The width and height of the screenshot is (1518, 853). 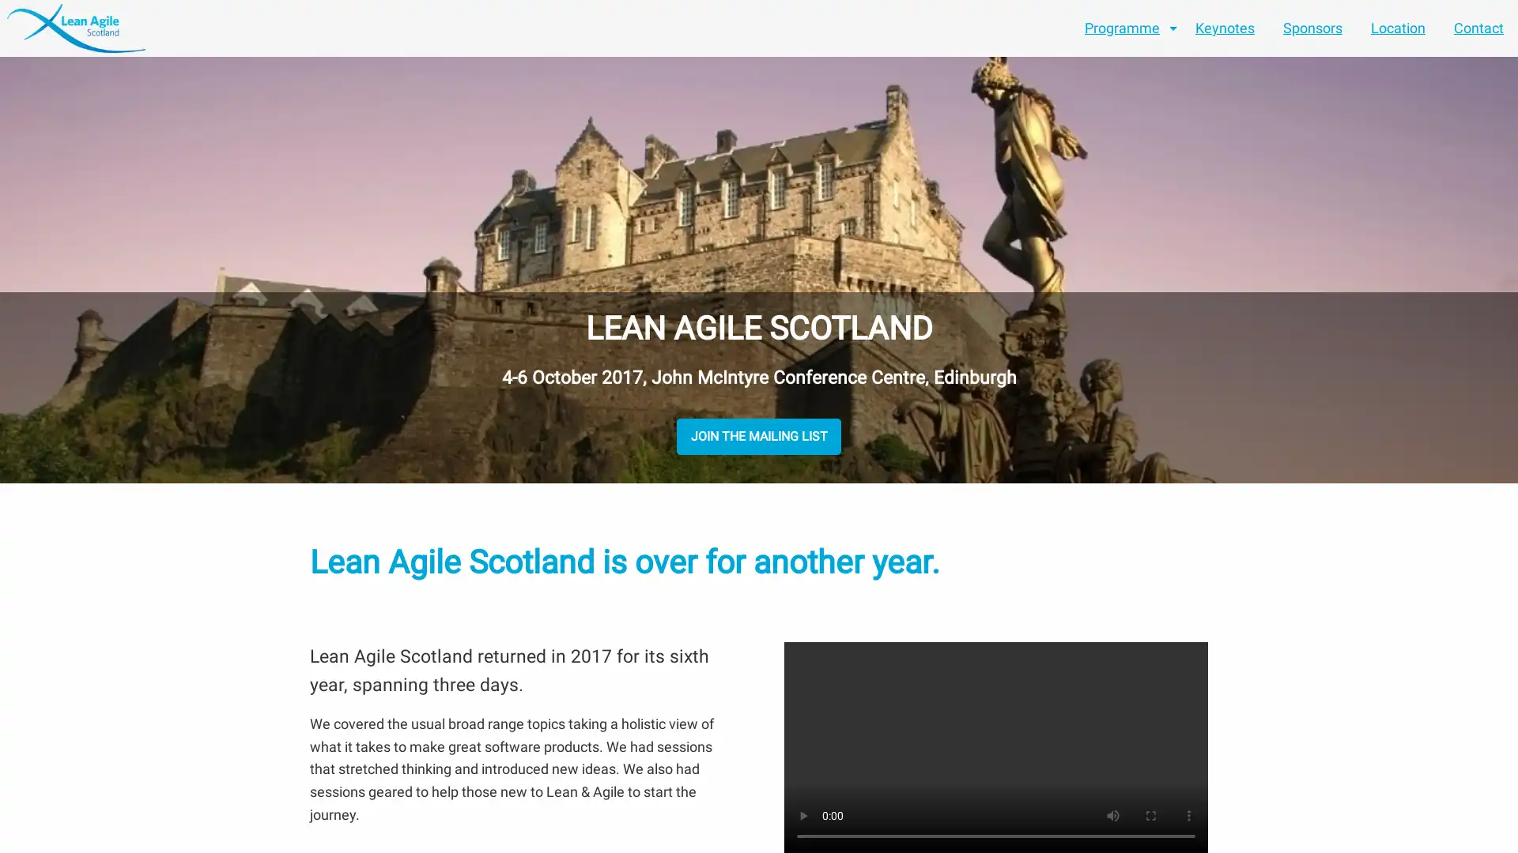 I want to click on show more media controls, so click(x=1188, y=815).